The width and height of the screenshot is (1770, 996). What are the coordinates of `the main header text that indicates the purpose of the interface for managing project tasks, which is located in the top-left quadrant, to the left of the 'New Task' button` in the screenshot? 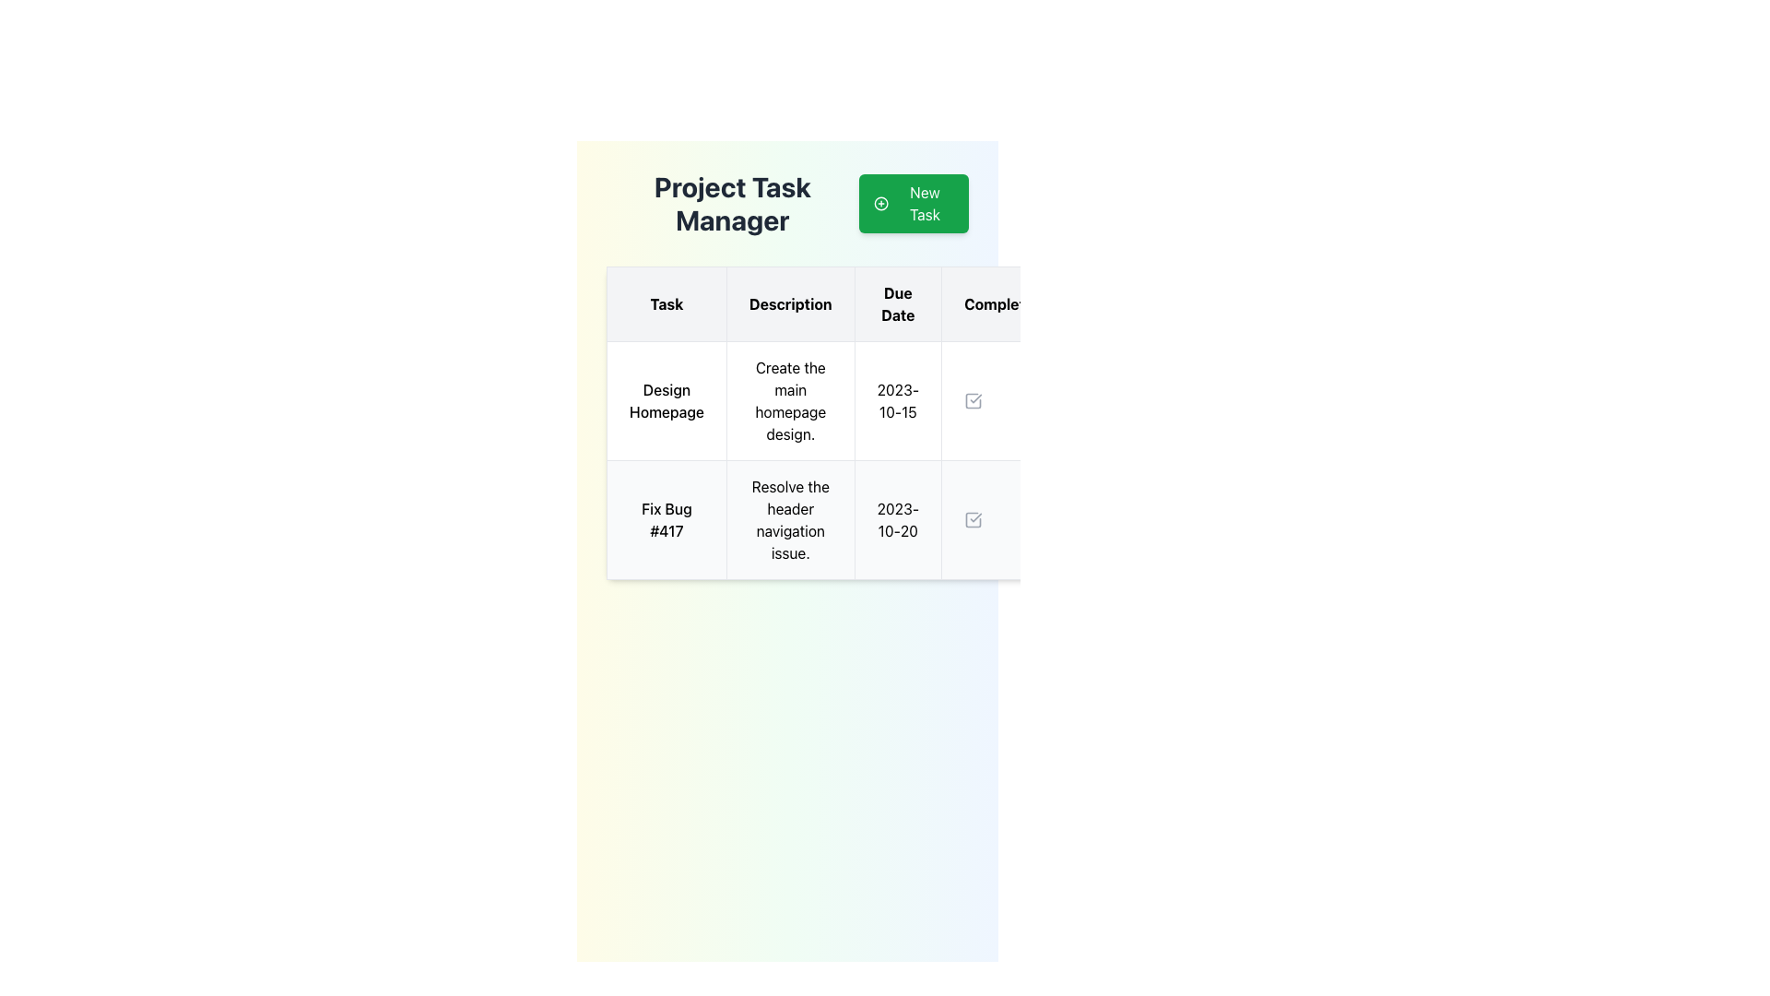 It's located at (731, 203).